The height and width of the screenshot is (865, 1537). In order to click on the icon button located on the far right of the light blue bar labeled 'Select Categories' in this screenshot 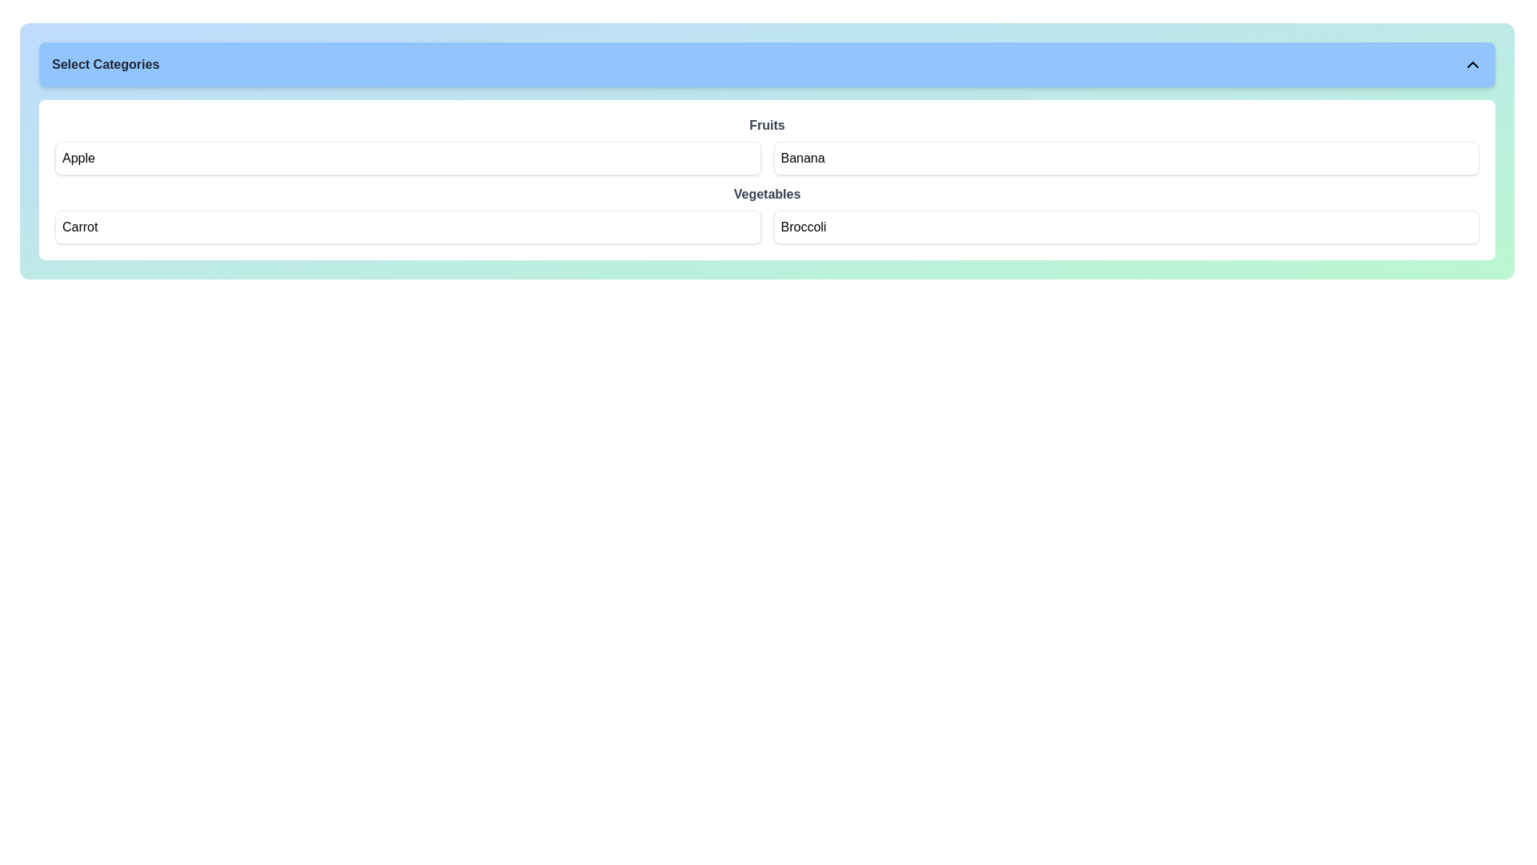, I will do `click(1472, 64)`.